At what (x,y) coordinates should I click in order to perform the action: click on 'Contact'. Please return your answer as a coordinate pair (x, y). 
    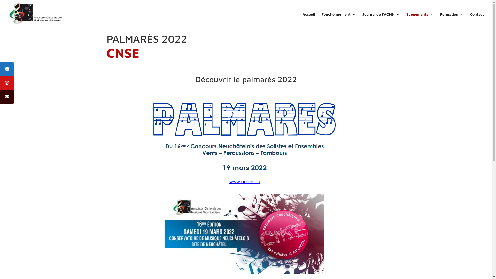
    Looking at the image, I should click on (477, 19).